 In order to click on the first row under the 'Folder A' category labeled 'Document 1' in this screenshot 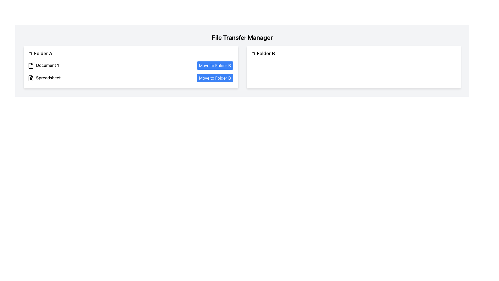, I will do `click(131, 65)`.